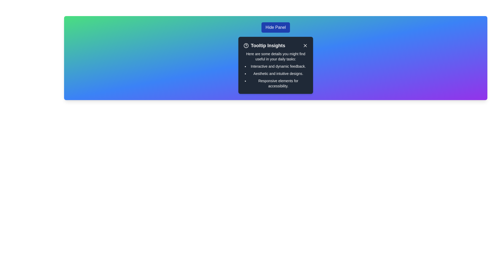  Describe the element at coordinates (305, 45) in the screenshot. I see `the icon button located at the rightmost part of the 'Tooltip Insights' panel` at that location.